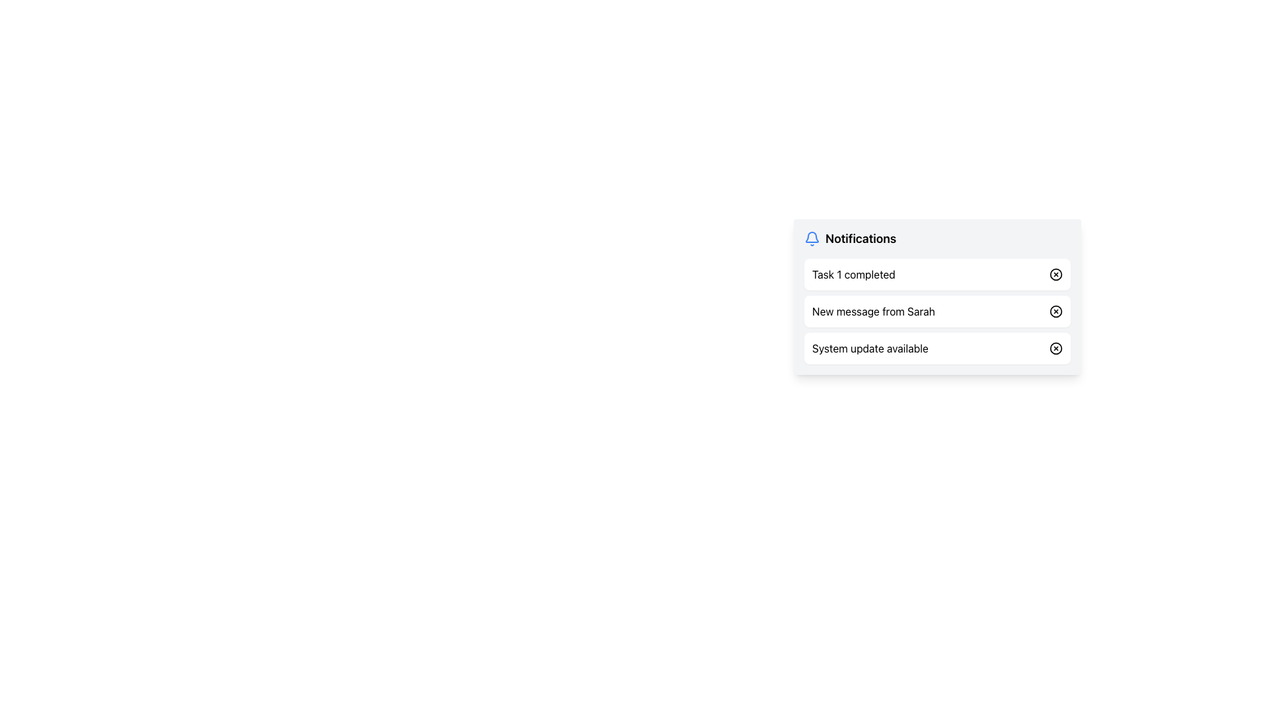  Describe the element at coordinates (1056, 274) in the screenshot. I see `the circular dismiss button icon located to the right of the 'Task 1 completed' notification` at that location.